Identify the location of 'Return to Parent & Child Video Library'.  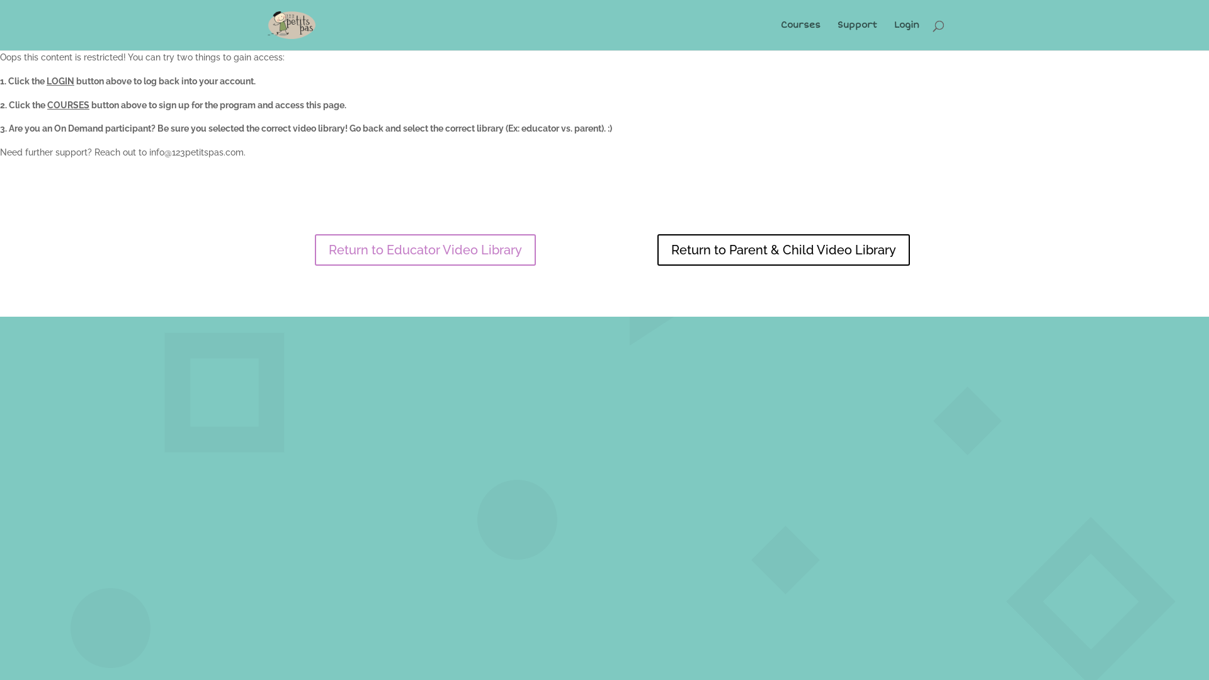
(783, 250).